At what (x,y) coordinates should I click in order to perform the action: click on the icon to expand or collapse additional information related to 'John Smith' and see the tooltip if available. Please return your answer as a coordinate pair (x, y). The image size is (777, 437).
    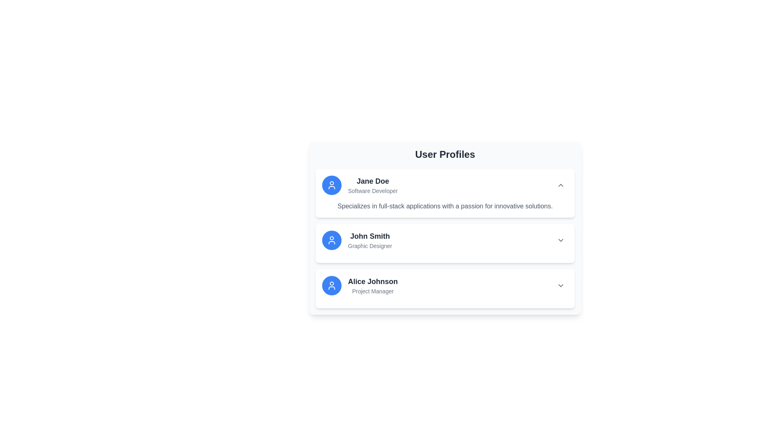
    Looking at the image, I should click on (560, 240).